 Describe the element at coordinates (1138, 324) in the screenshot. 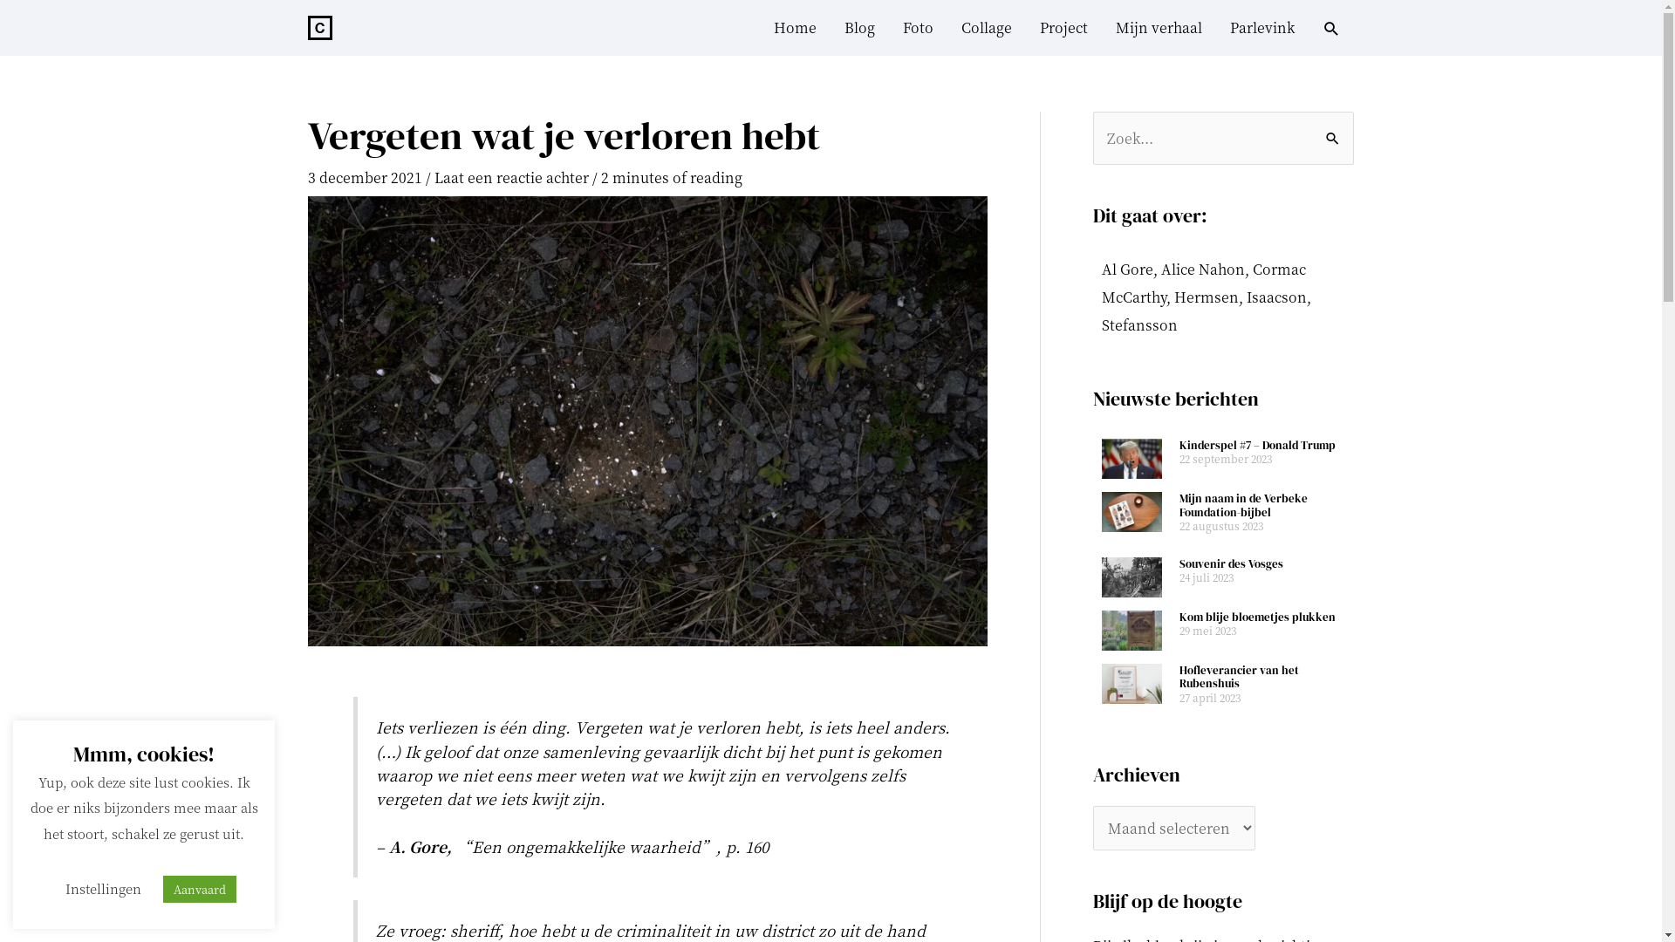

I see `'Stefansson'` at that location.